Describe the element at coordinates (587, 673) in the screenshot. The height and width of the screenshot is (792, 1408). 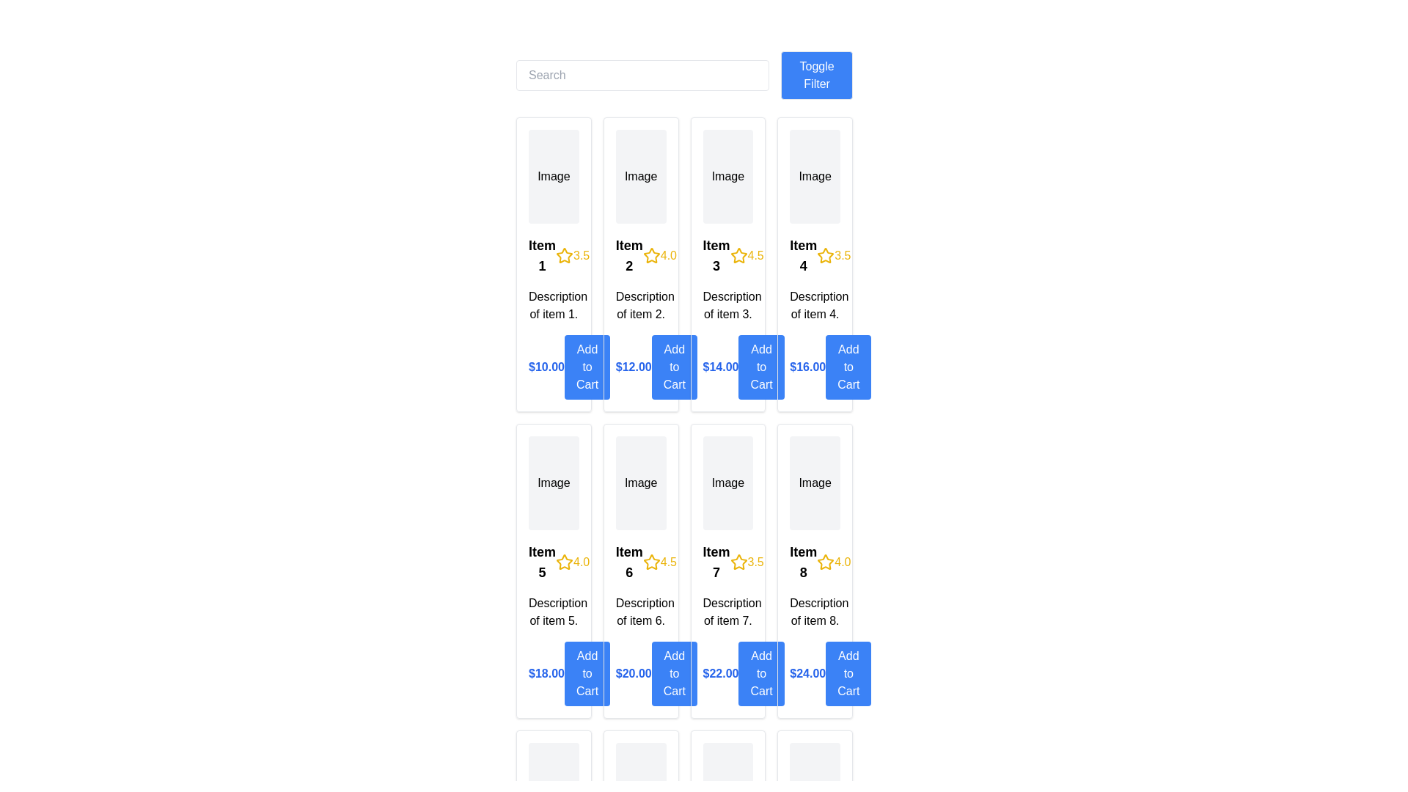
I see `the 'Add to Cart' button for 'Item 5'` at that location.